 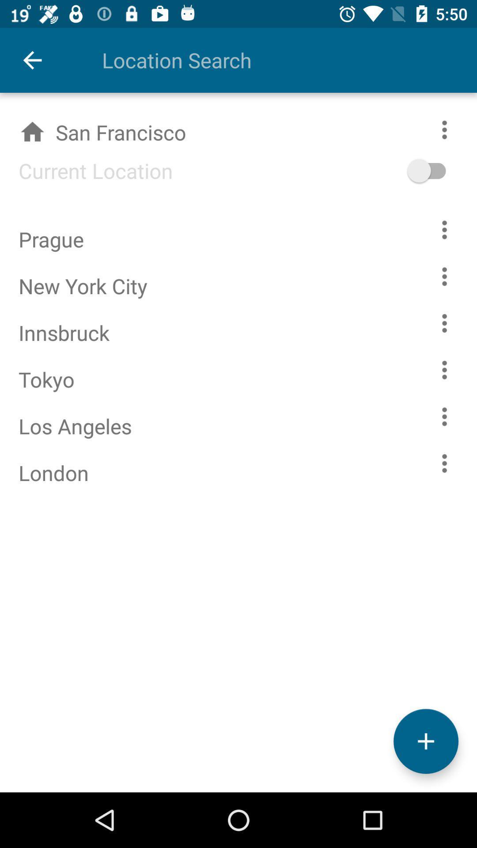 What do you see at coordinates (454, 129) in the screenshot?
I see `more options for the selected city` at bounding box center [454, 129].